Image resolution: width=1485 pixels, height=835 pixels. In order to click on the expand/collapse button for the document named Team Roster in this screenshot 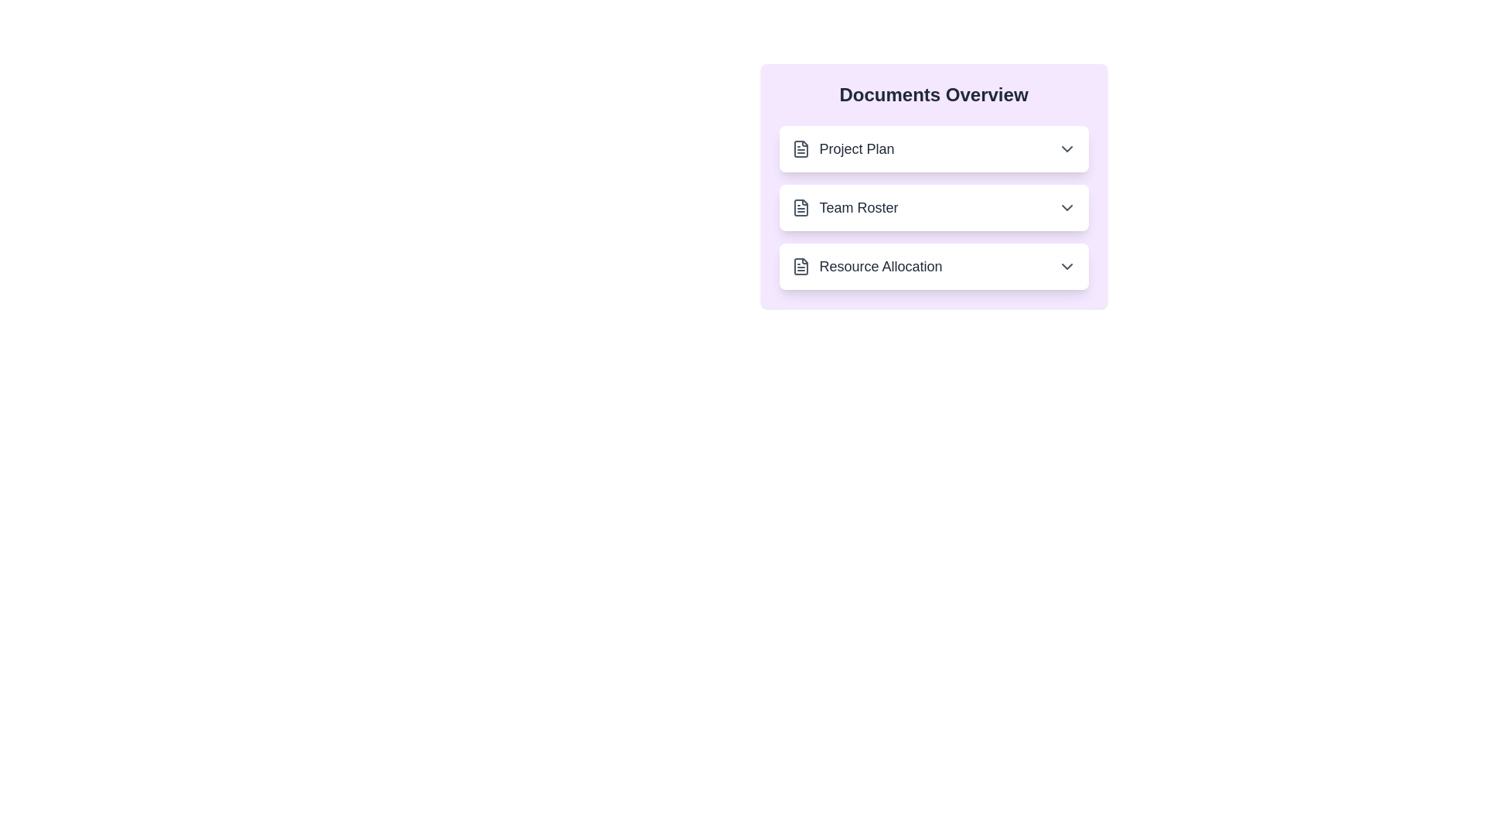, I will do `click(1066, 207)`.